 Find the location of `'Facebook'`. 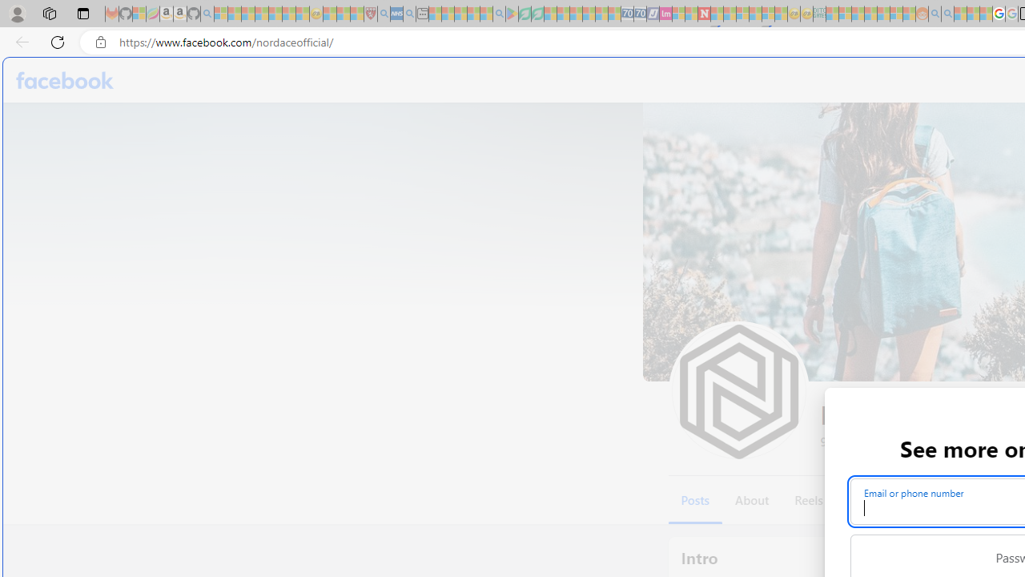

'Facebook' is located at coordinates (64, 80).